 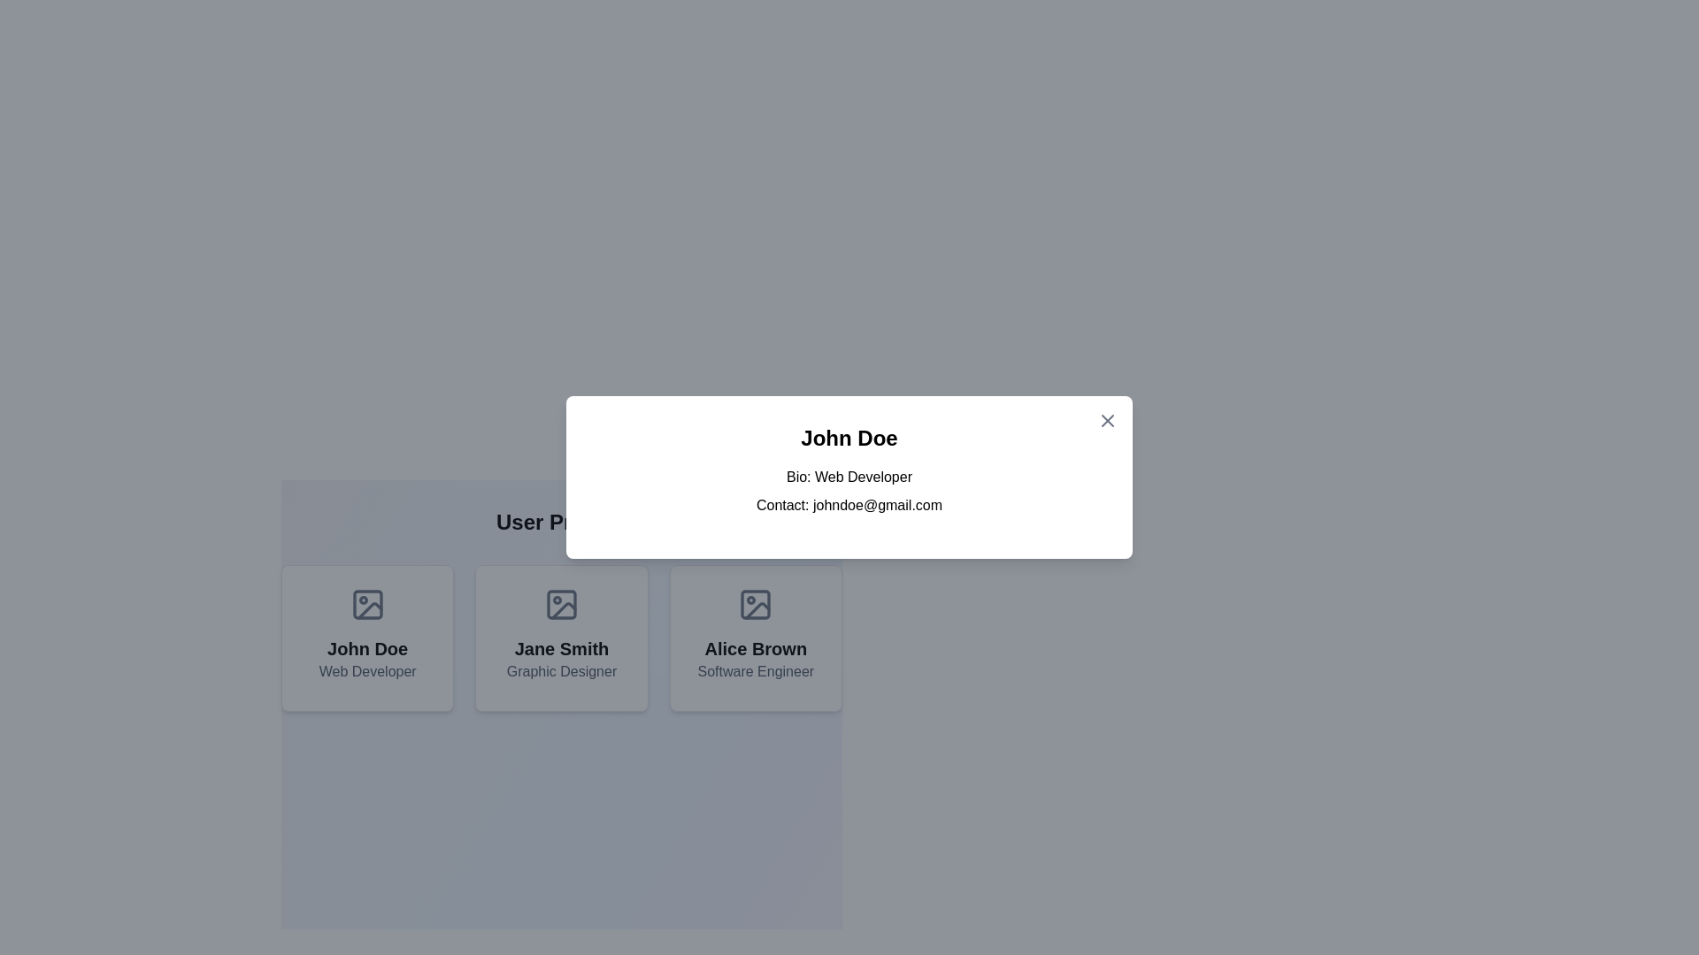 I want to click on the icon representing 'Jane Smith' in the 'User Profiles' section, which is the second icon among three profile cards, so click(x=560, y=603).